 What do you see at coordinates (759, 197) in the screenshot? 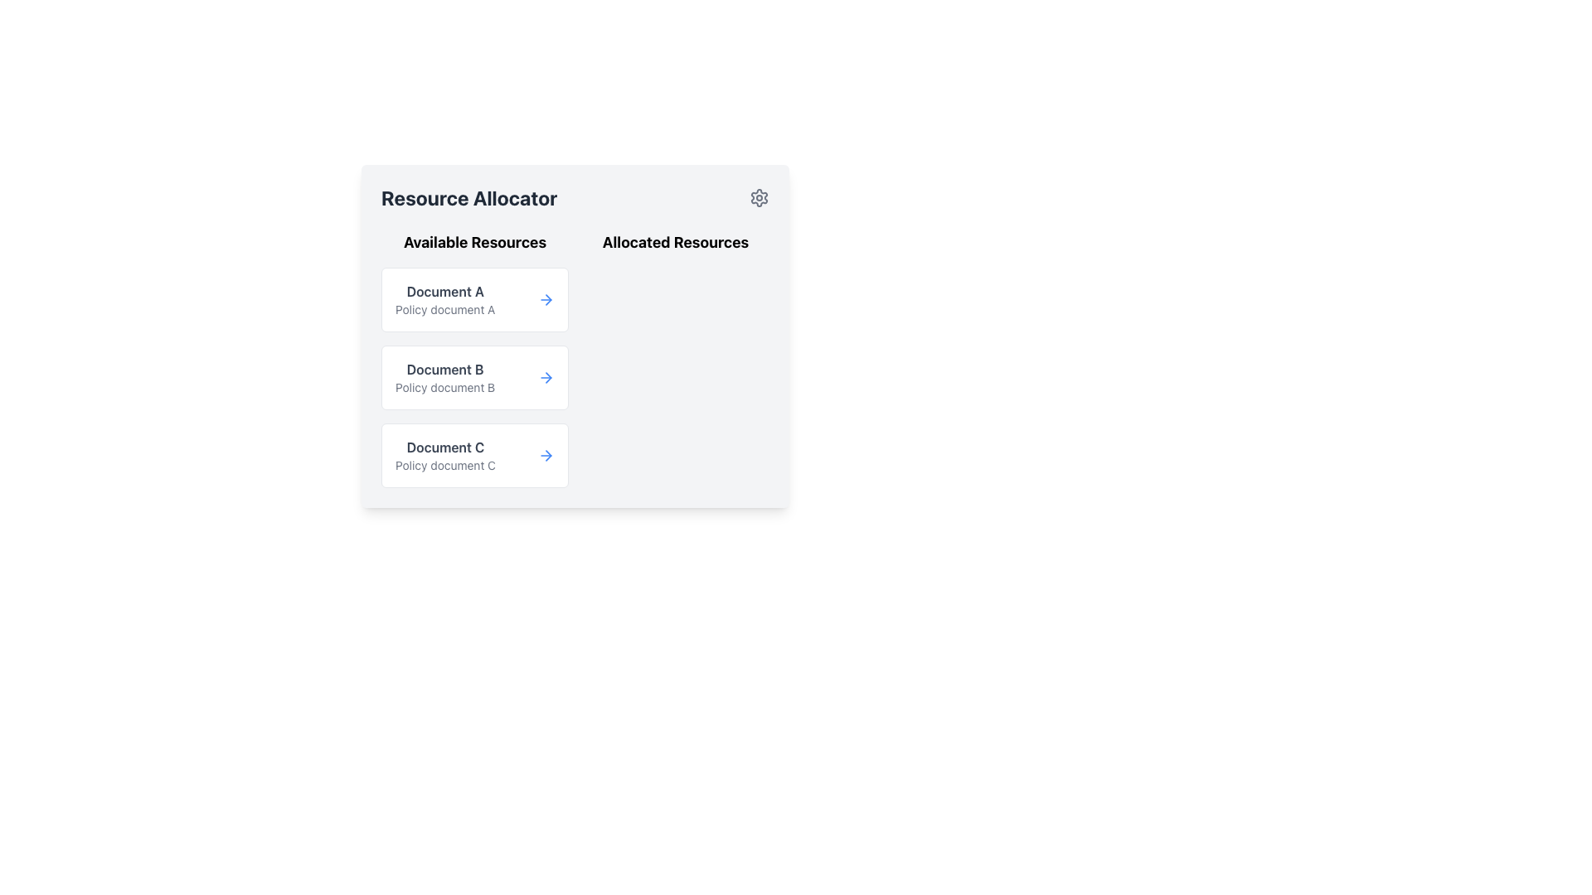
I see `the cogwheel-shaped settings icon located in the top-right corner of the 'Resource Allocator' card` at bounding box center [759, 197].